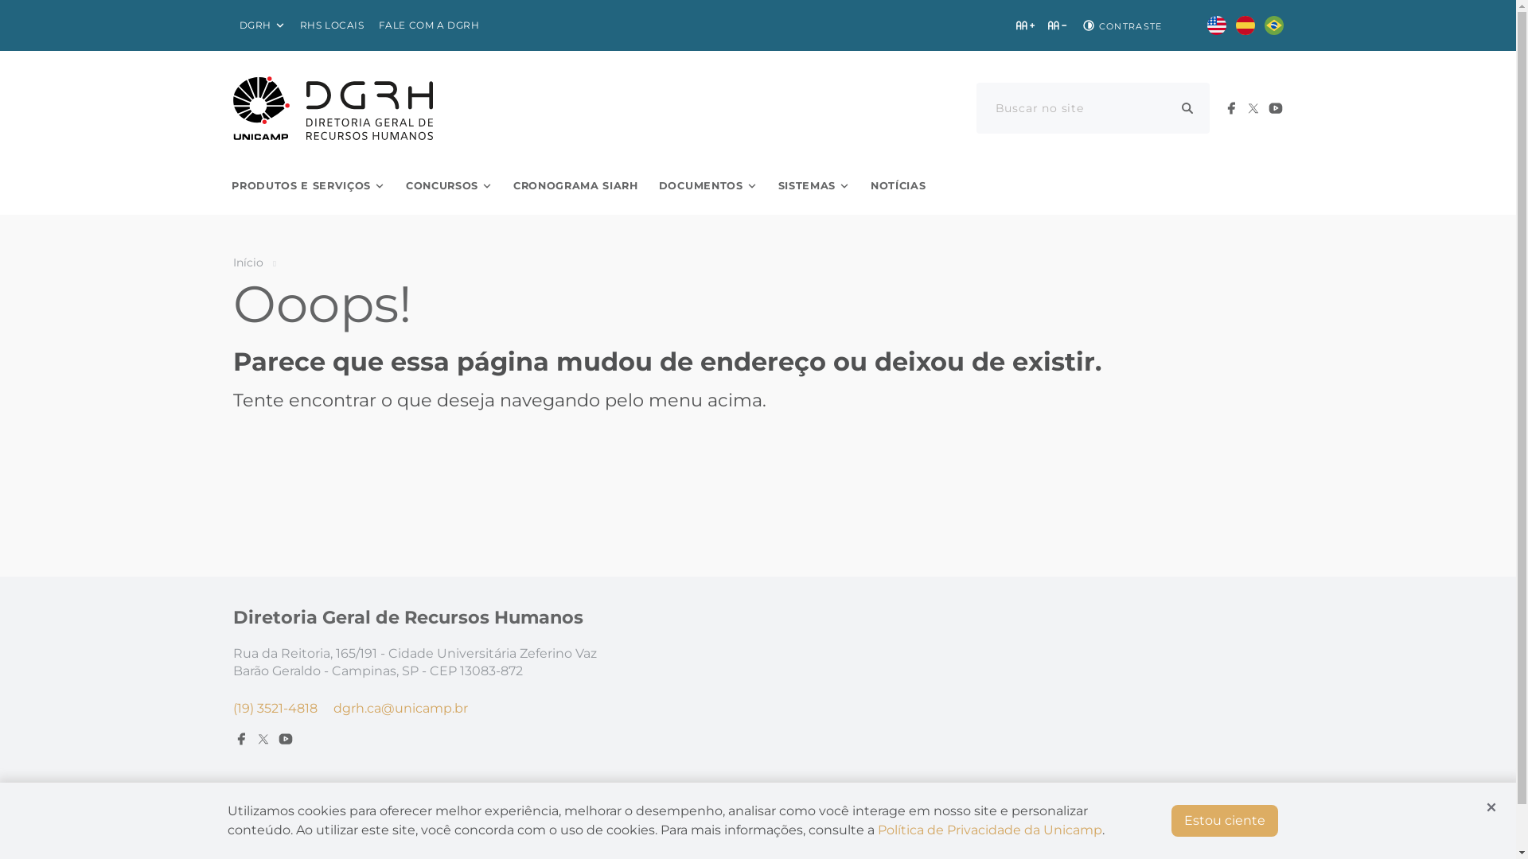 The image size is (1528, 859). I want to click on 'Diminuir fonte', so click(1057, 25).